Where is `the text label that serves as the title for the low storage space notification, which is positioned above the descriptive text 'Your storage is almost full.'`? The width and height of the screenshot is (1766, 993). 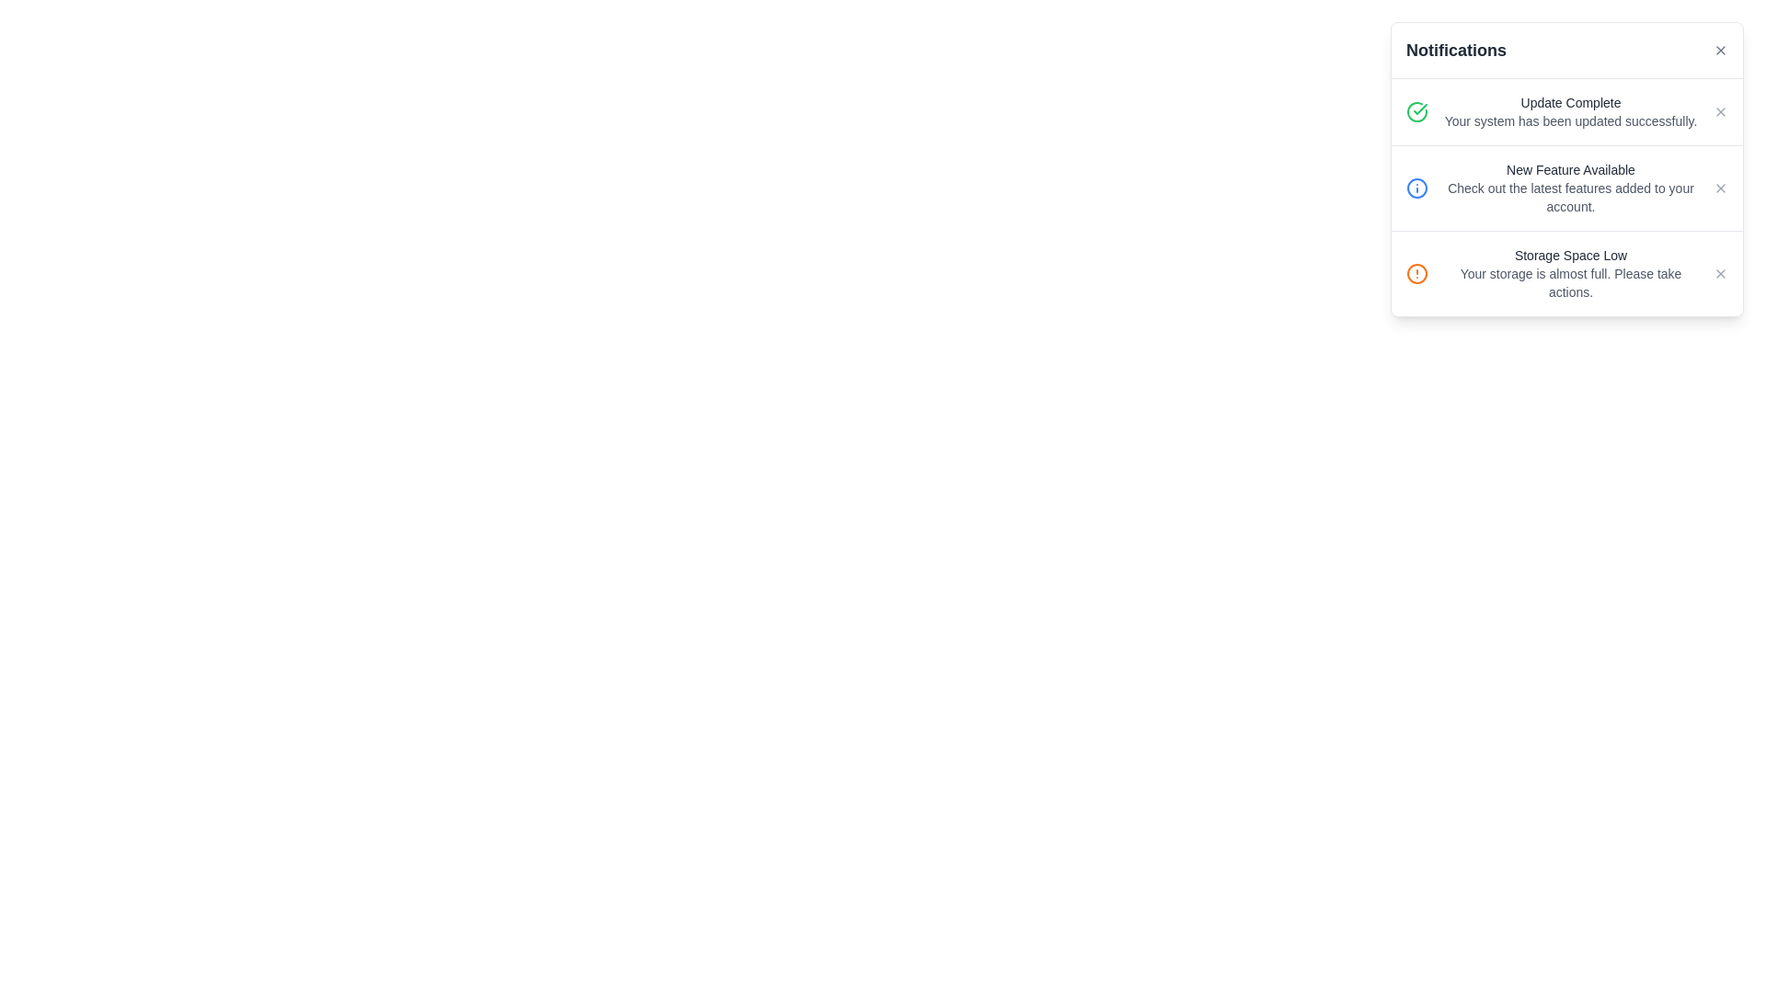
the text label that serves as the title for the low storage space notification, which is positioned above the descriptive text 'Your storage is almost full.' is located at coordinates (1570, 255).